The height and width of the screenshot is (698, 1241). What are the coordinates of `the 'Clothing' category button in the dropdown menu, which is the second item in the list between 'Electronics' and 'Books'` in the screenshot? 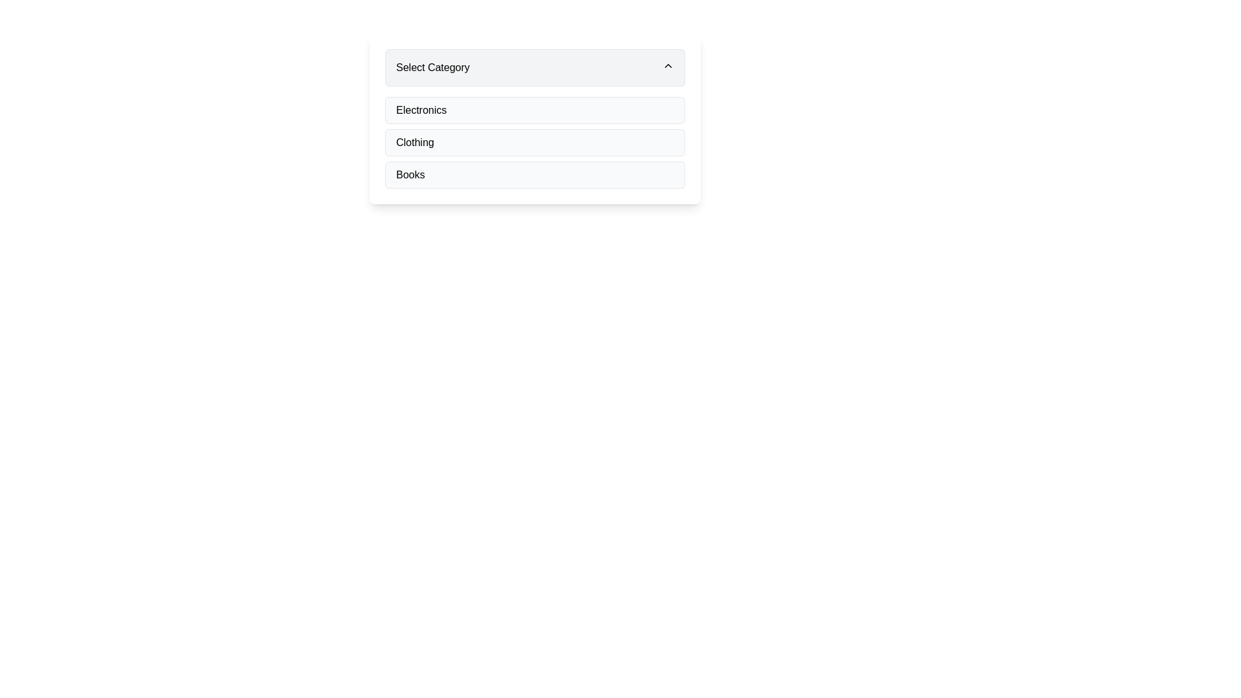 It's located at (535, 142).